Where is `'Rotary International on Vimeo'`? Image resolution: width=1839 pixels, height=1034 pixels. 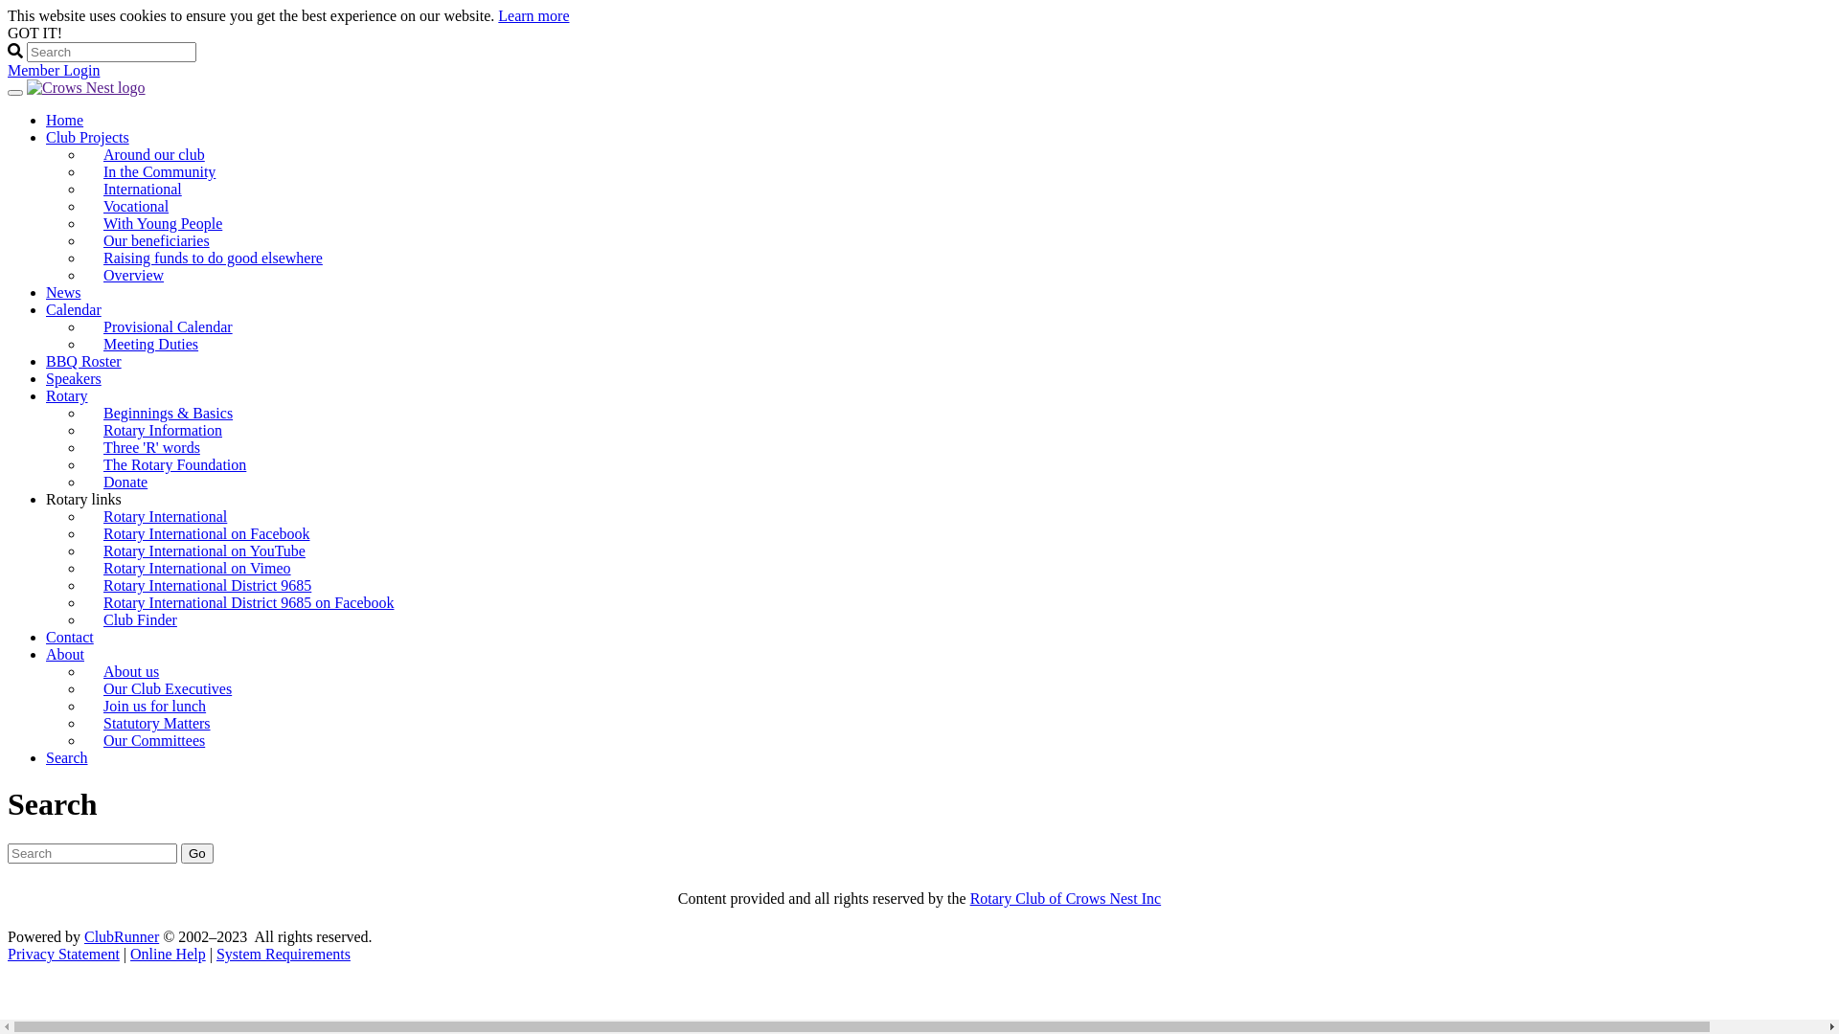 'Rotary International on Vimeo' is located at coordinates (197, 567).